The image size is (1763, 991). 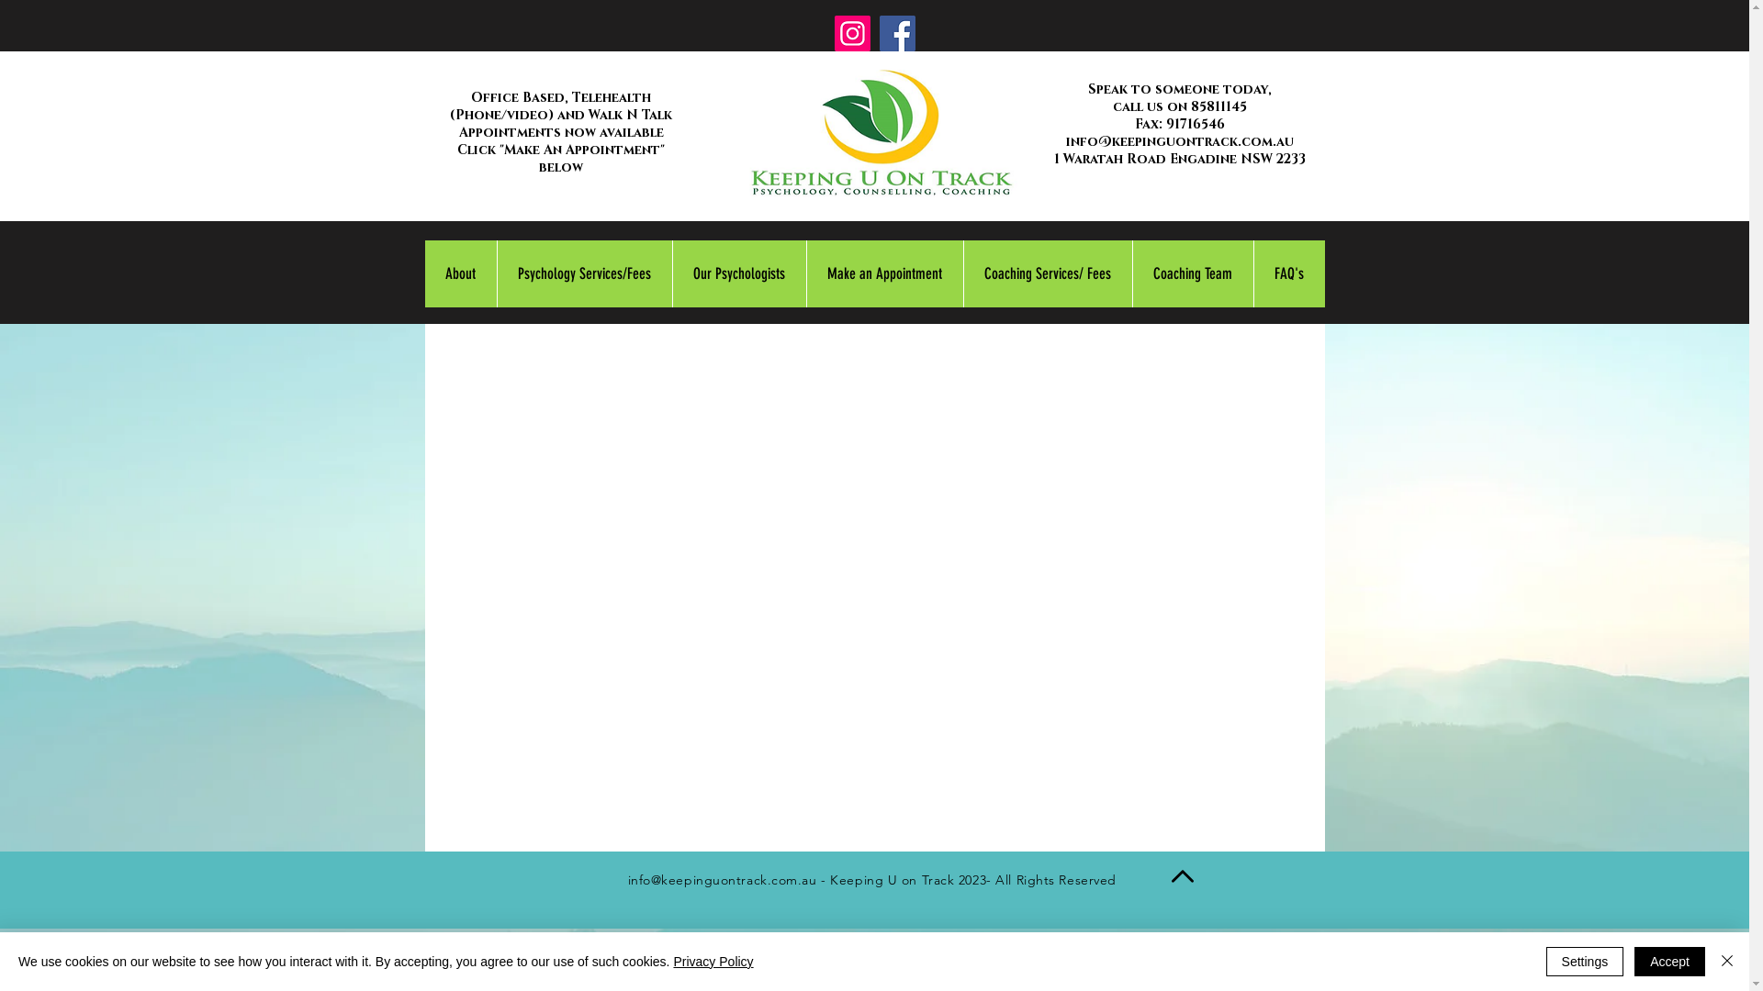 I want to click on 'Accept', so click(x=1669, y=961).